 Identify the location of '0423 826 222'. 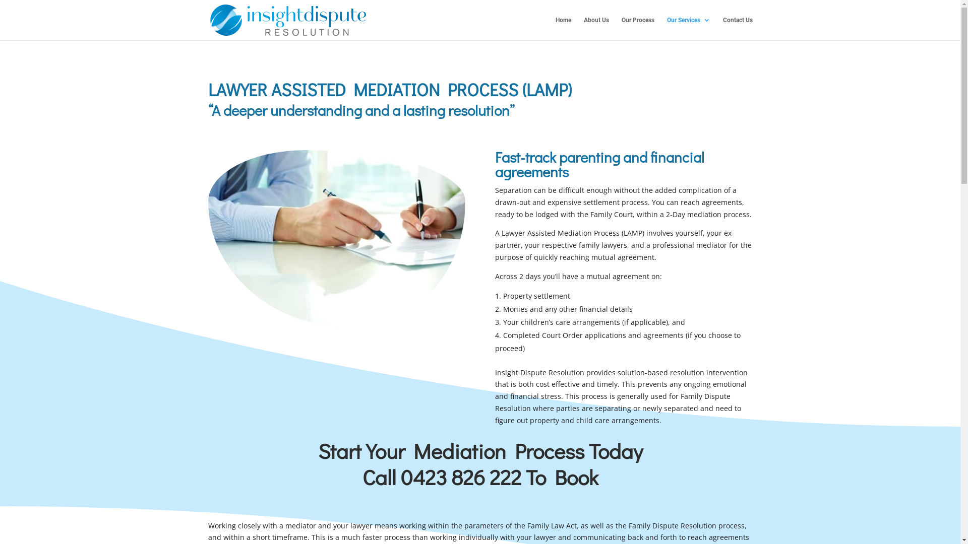
(400, 476).